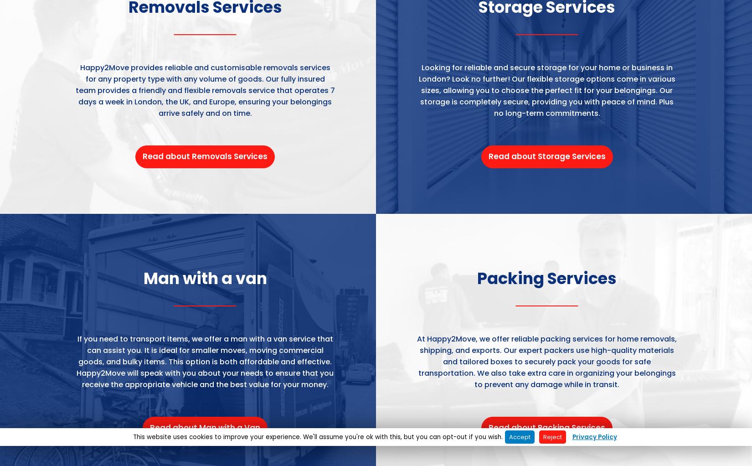 The height and width of the screenshot is (466, 752). Describe the element at coordinates (547, 278) in the screenshot. I see `'Packing Services'` at that location.